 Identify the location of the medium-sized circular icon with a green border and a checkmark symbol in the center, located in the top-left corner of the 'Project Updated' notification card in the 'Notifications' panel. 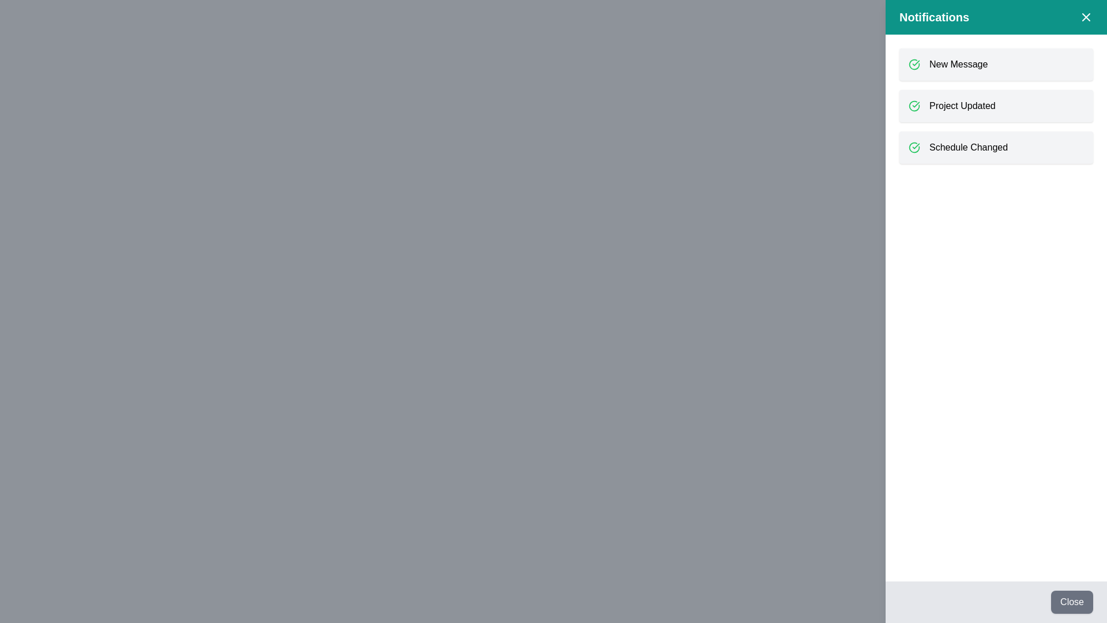
(913, 106).